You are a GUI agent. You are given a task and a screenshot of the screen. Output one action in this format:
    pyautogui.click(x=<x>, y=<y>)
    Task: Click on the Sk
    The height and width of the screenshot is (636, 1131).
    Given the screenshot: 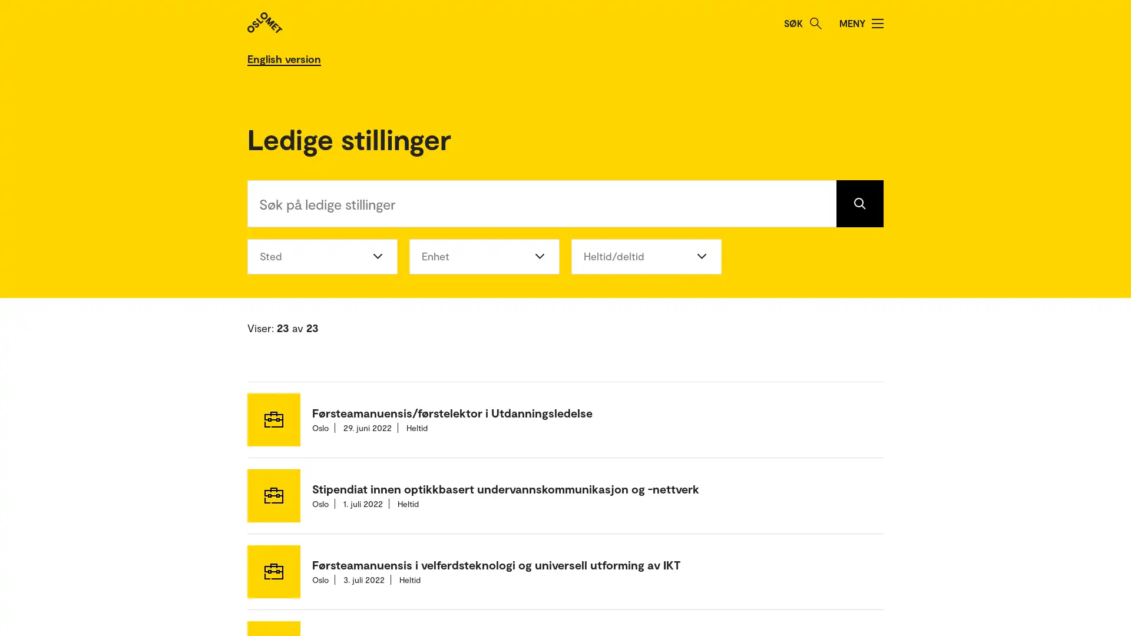 What is the action you would take?
    pyautogui.click(x=815, y=23)
    